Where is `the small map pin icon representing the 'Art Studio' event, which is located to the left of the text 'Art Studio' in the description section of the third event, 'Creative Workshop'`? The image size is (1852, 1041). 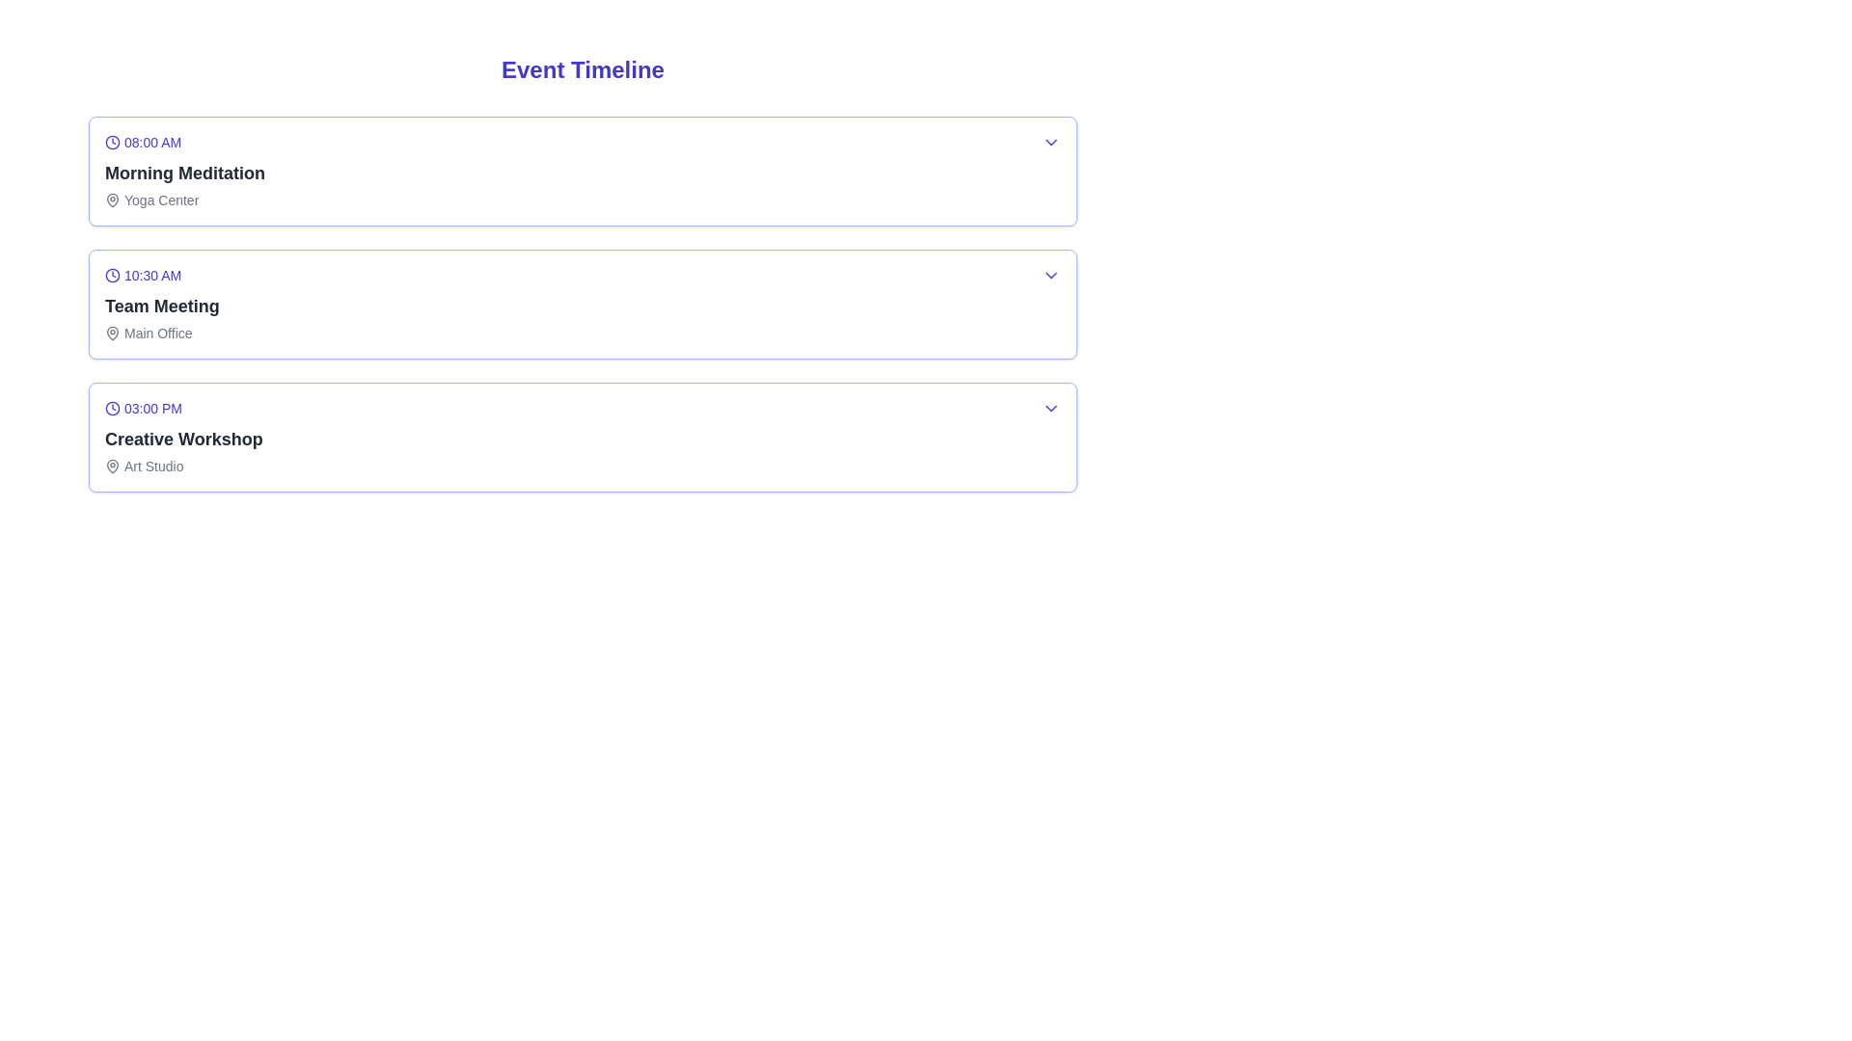
the small map pin icon representing the 'Art Studio' event, which is located to the left of the text 'Art Studio' in the description section of the third event, 'Creative Workshop' is located at coordinates (111, 466).